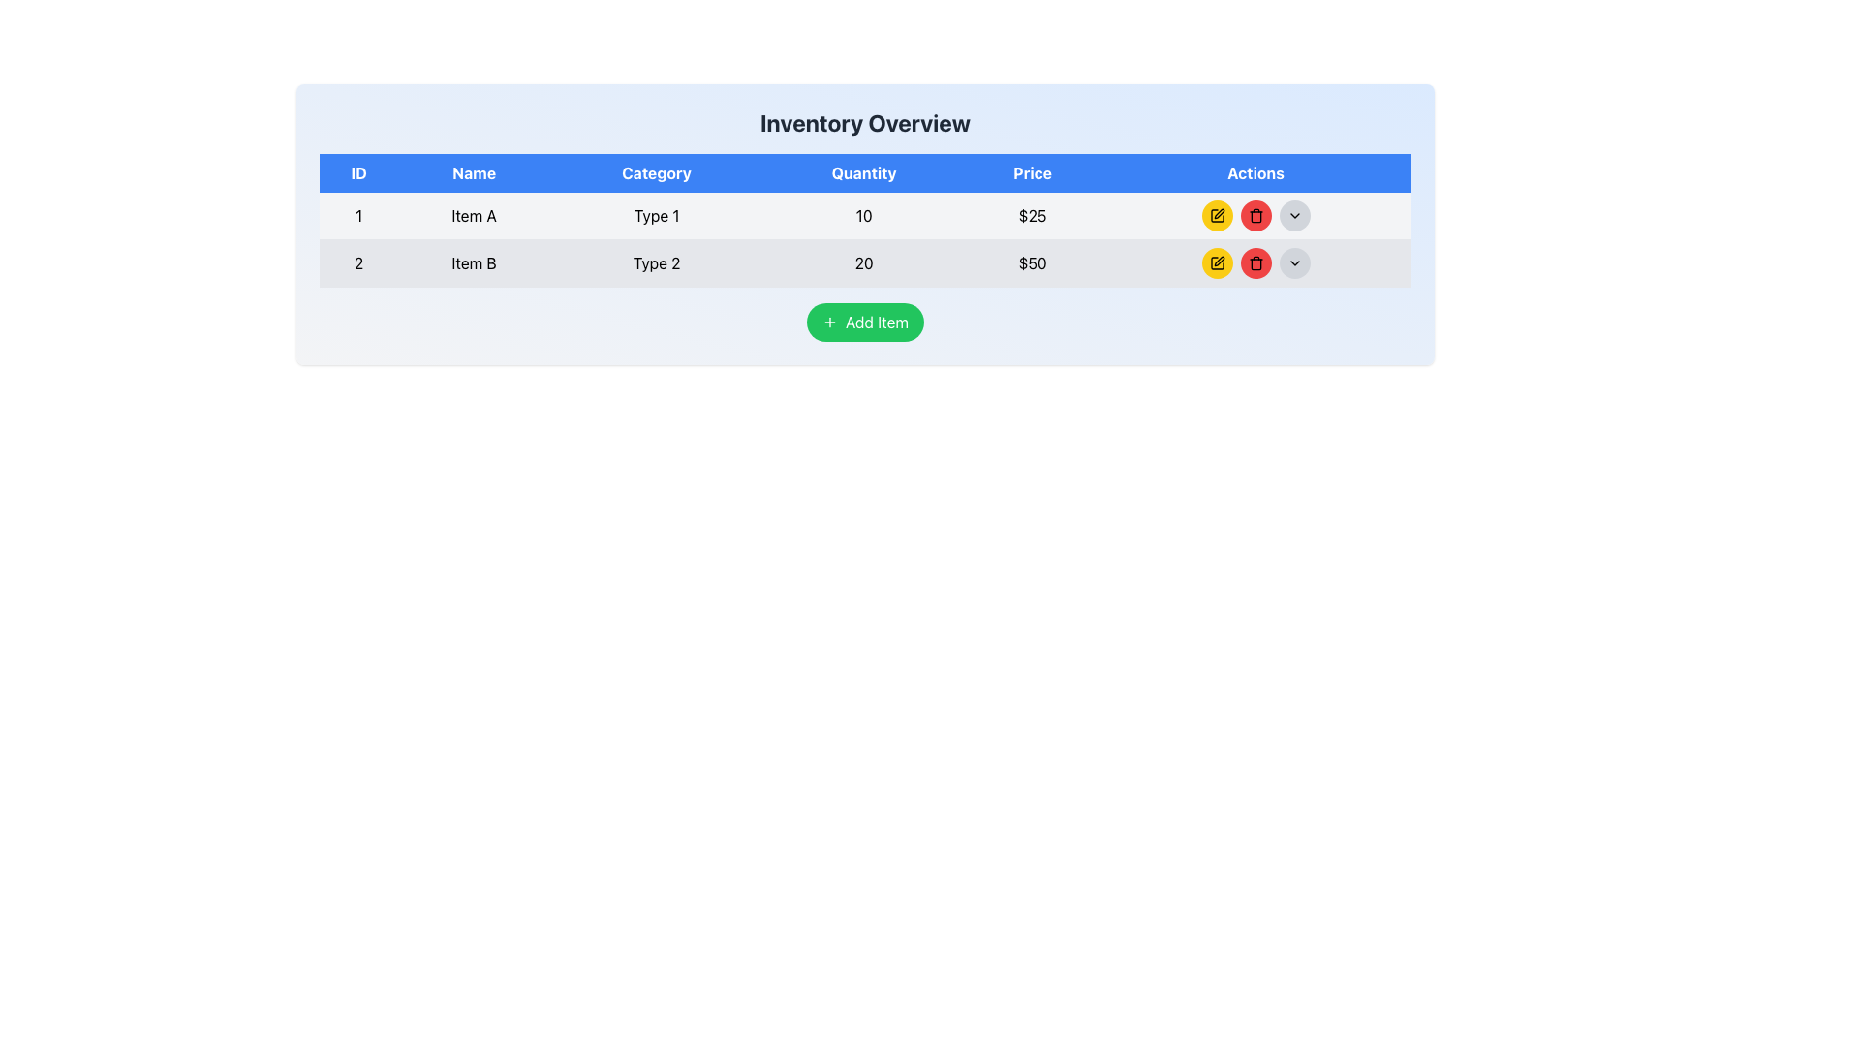 The height and width of the screenshot is (1046, 1860). Describe the element at coordinates (864, 216) in the screenshot. I see `the first row of the table containing the ID '1', Name 'Item A', Category 'Type 1', Quantity '10', Price '$25', and interactive action icons` at that location.